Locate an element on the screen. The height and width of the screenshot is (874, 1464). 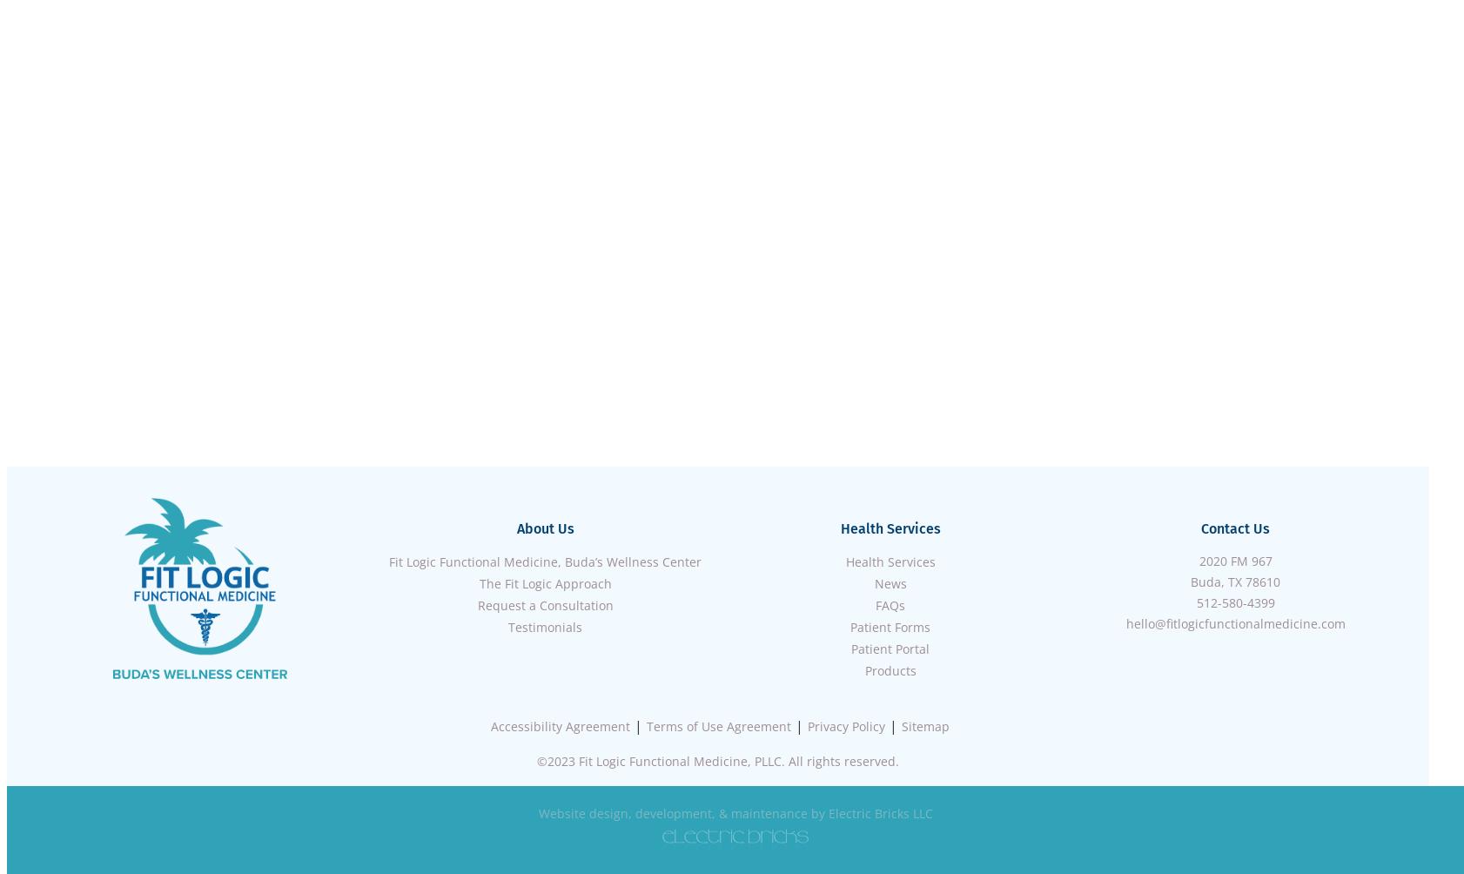
'Accessibility Agreement' is located at coordinates (561, 726).